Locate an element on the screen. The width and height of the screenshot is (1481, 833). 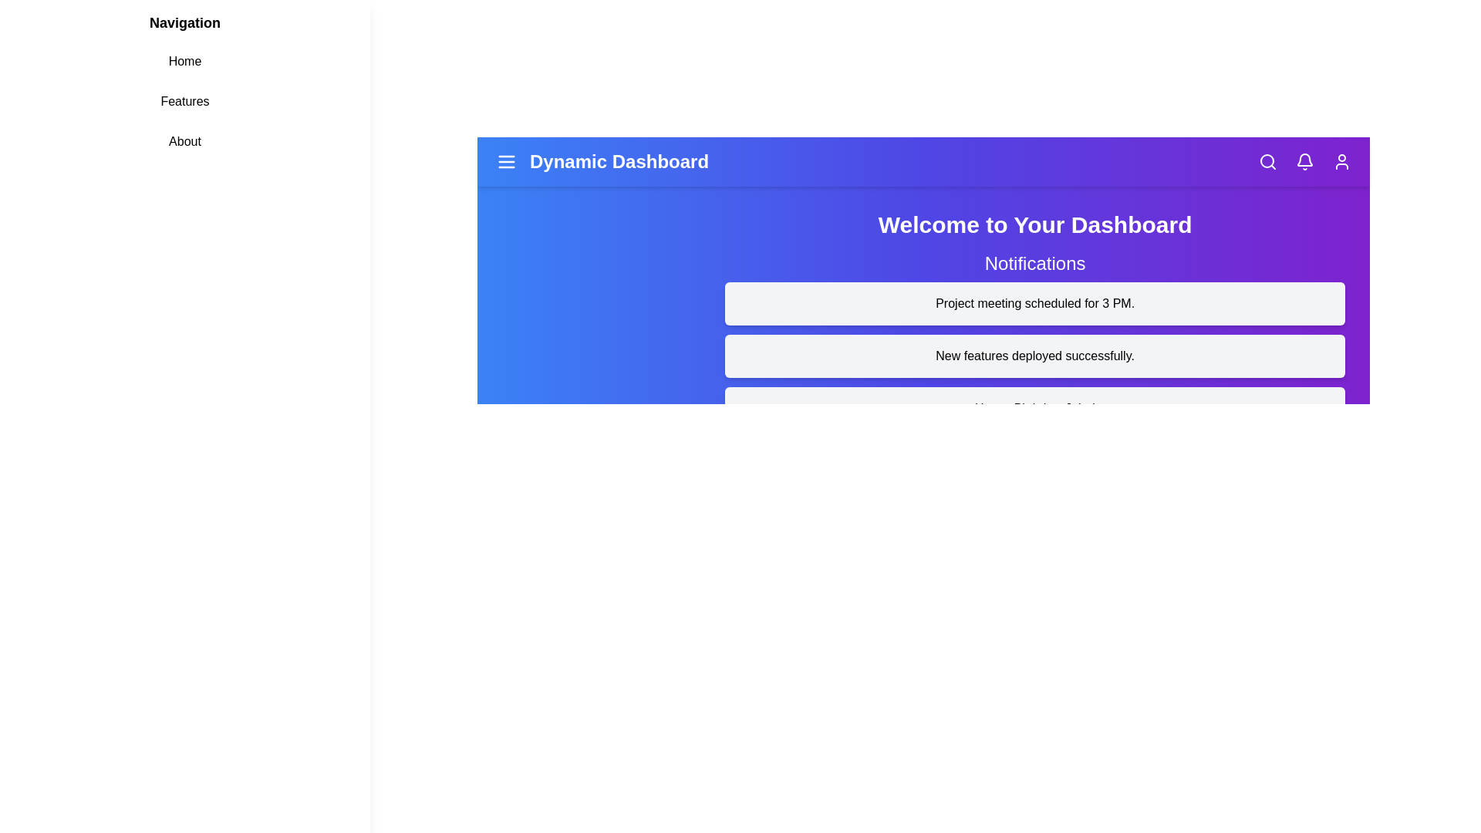
the 'Home' link in the navigation menu to navigate to the 'Home' section is located at coordinates (185, 61).